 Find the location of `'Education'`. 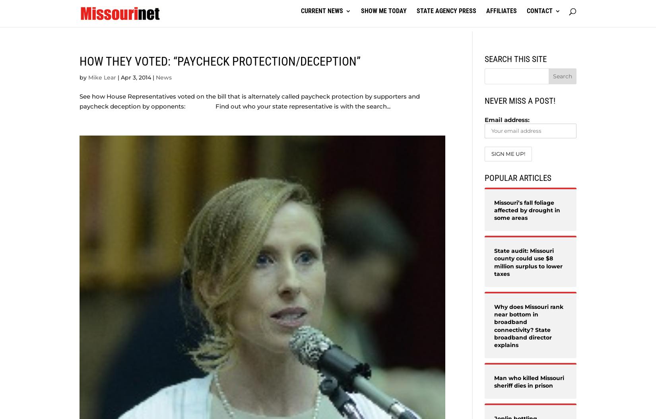

'Education' is located at coordinates (95, 65).